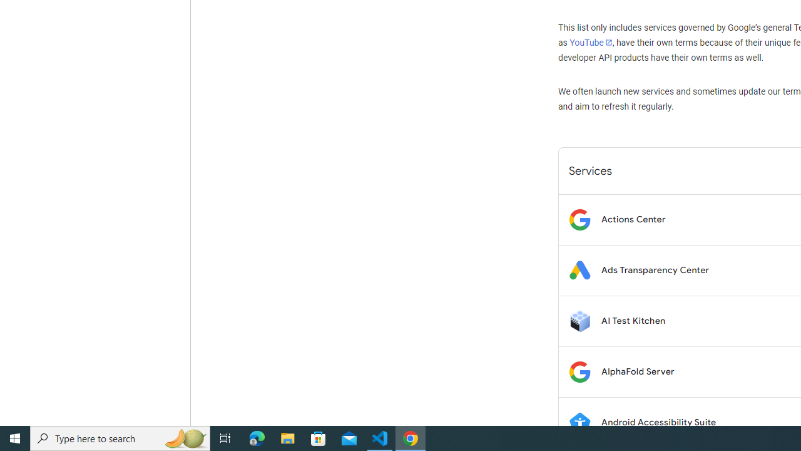 The image size is (801, 451). Describe the element at coordinates (590, 42) in the screenshot. I see `'YouTube'` at that location.